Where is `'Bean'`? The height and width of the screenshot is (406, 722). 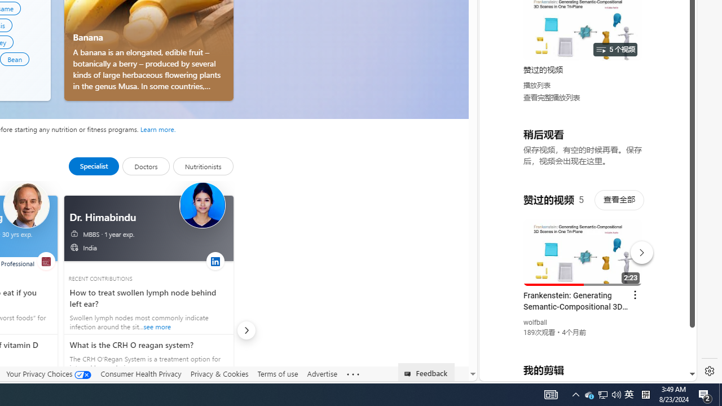
'Bean' is located at coordinates (15, 59).